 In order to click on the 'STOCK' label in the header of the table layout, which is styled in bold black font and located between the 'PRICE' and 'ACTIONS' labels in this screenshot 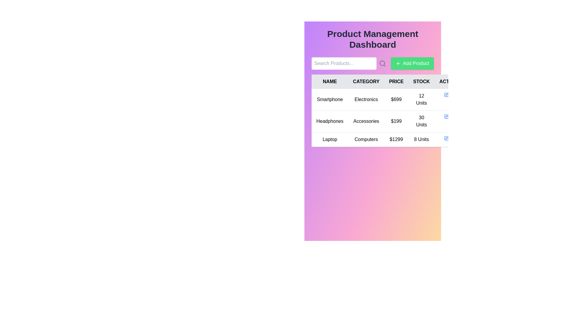, I will do `click(421, 81)`.